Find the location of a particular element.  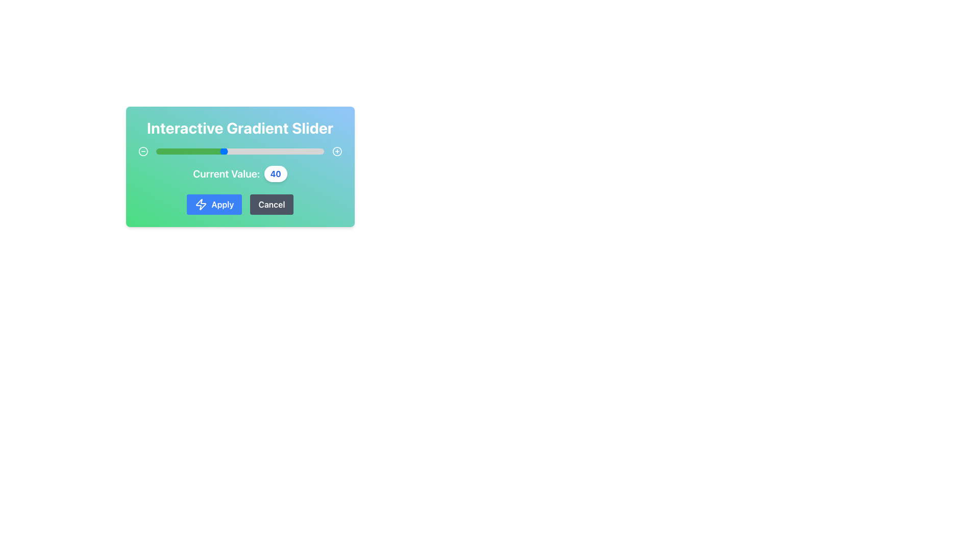

the slider's value is located at coordinates (162, 152).